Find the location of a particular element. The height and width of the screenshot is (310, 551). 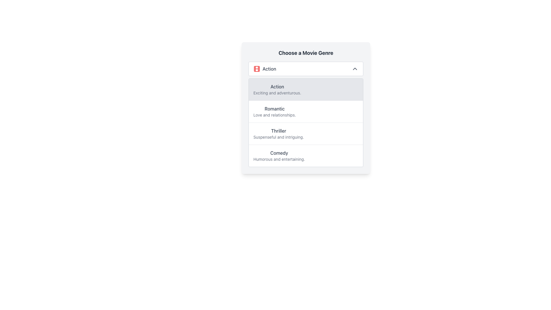

the 'Action' text option in the dropdown menu is located at coordinates (264, 68).